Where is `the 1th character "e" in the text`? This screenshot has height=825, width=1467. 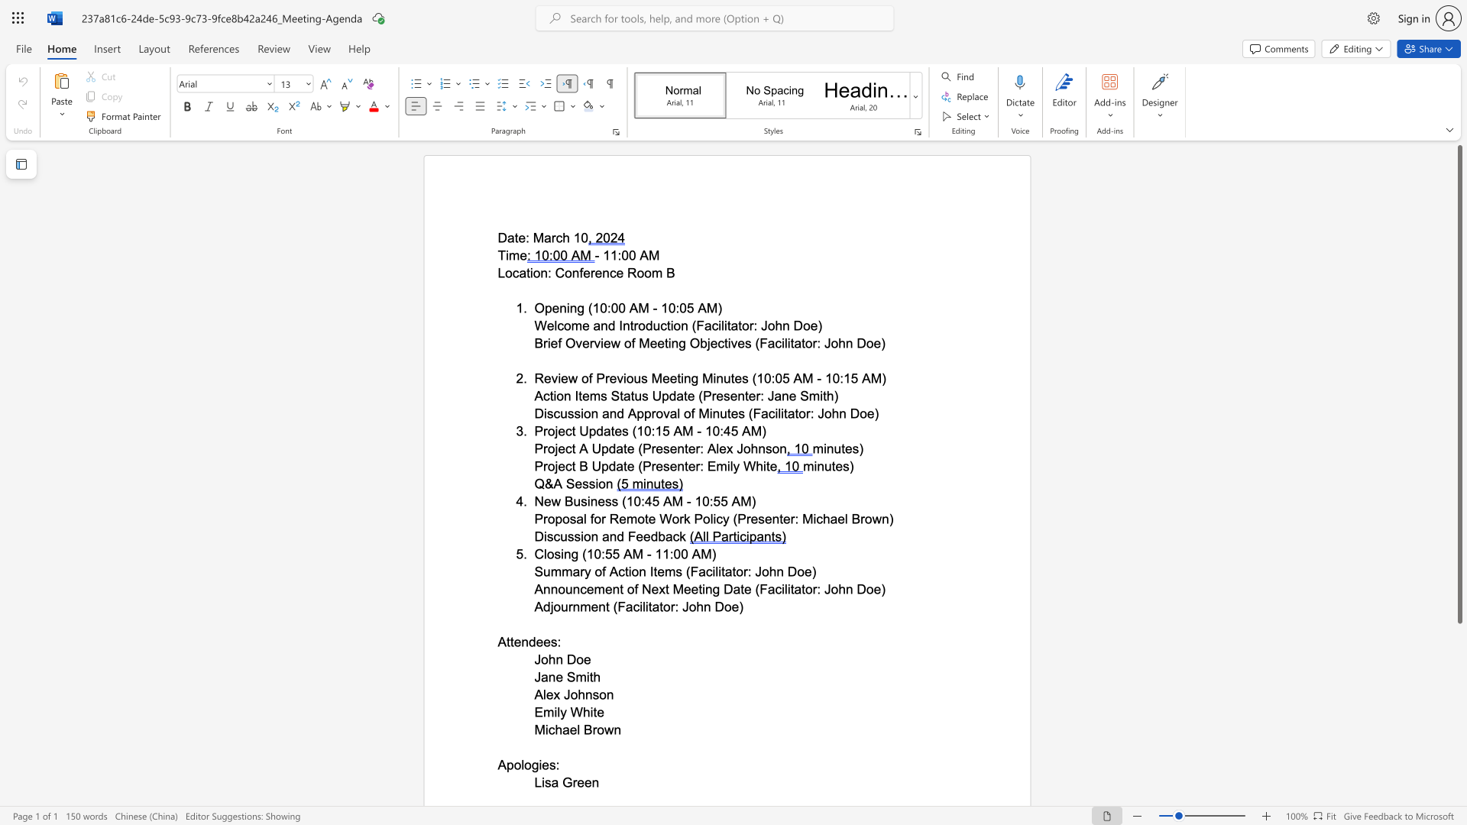 the 1th character "e" in the text is located at coordinates (623, 518).